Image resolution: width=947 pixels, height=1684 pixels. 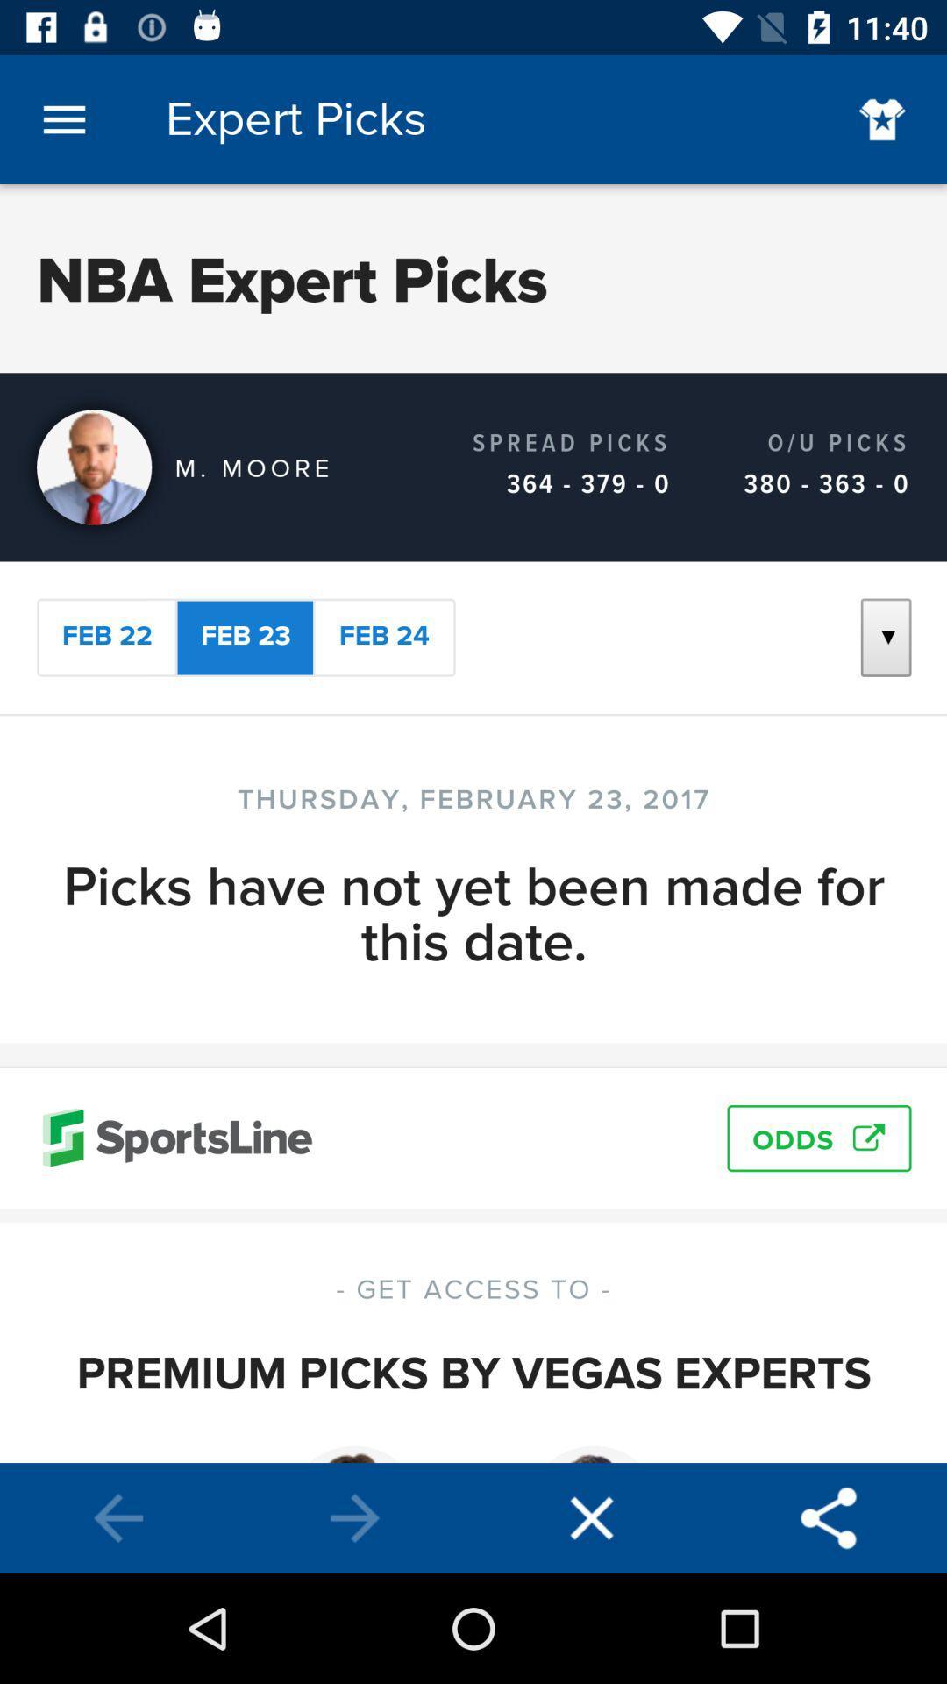 I want to click on the arrow_backward icon, so click(x=118, y=1517).